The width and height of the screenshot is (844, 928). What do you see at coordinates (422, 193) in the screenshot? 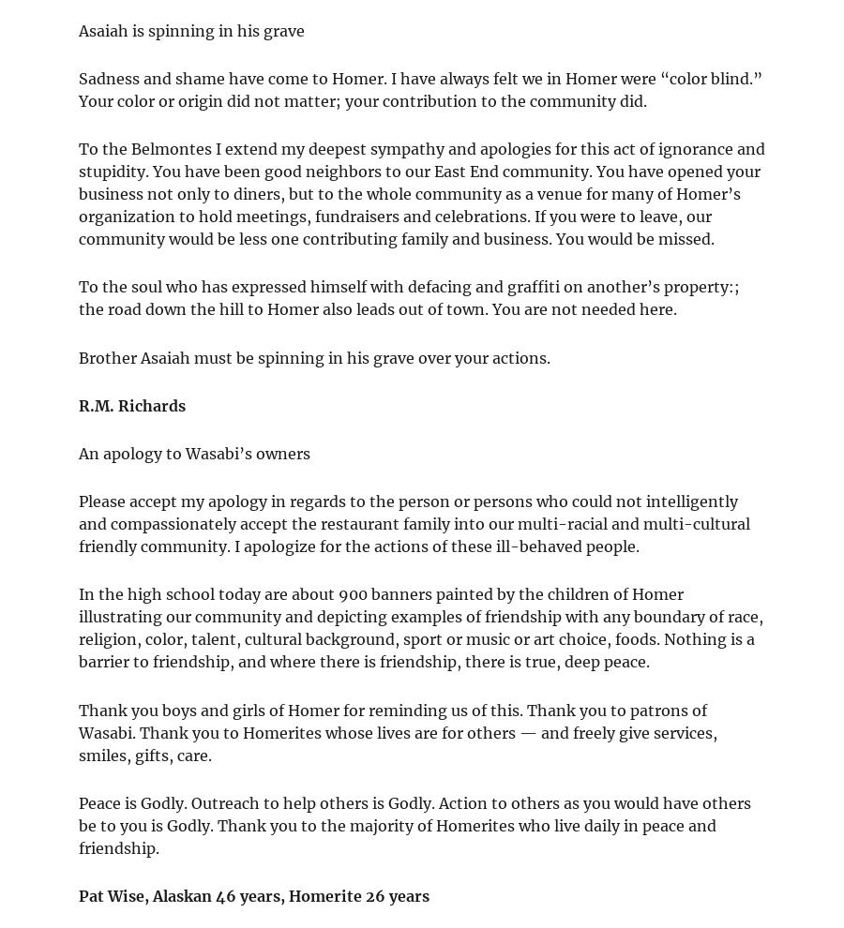
I see `'To the Belmontes I extend my deepest sympathy and apologies for this act of ignorance and stupidity. You have been good neighbors to our East End community. You have opened your business not only to diners, but to the whole community as a venue for many of Homer’s organization to hold meetings, fundraisers and celebrations. If you were to leave, our community would be less one contributing family and business. You would be missed.'` at bounding box center [422, 193].